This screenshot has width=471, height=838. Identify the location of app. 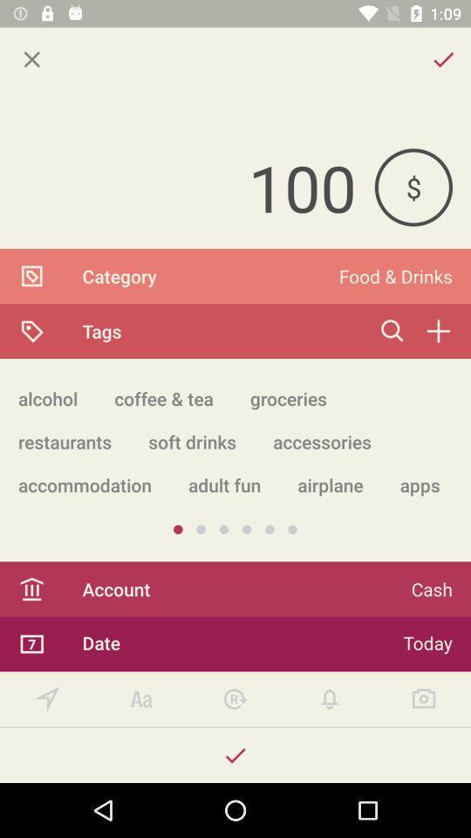
(31, 59).